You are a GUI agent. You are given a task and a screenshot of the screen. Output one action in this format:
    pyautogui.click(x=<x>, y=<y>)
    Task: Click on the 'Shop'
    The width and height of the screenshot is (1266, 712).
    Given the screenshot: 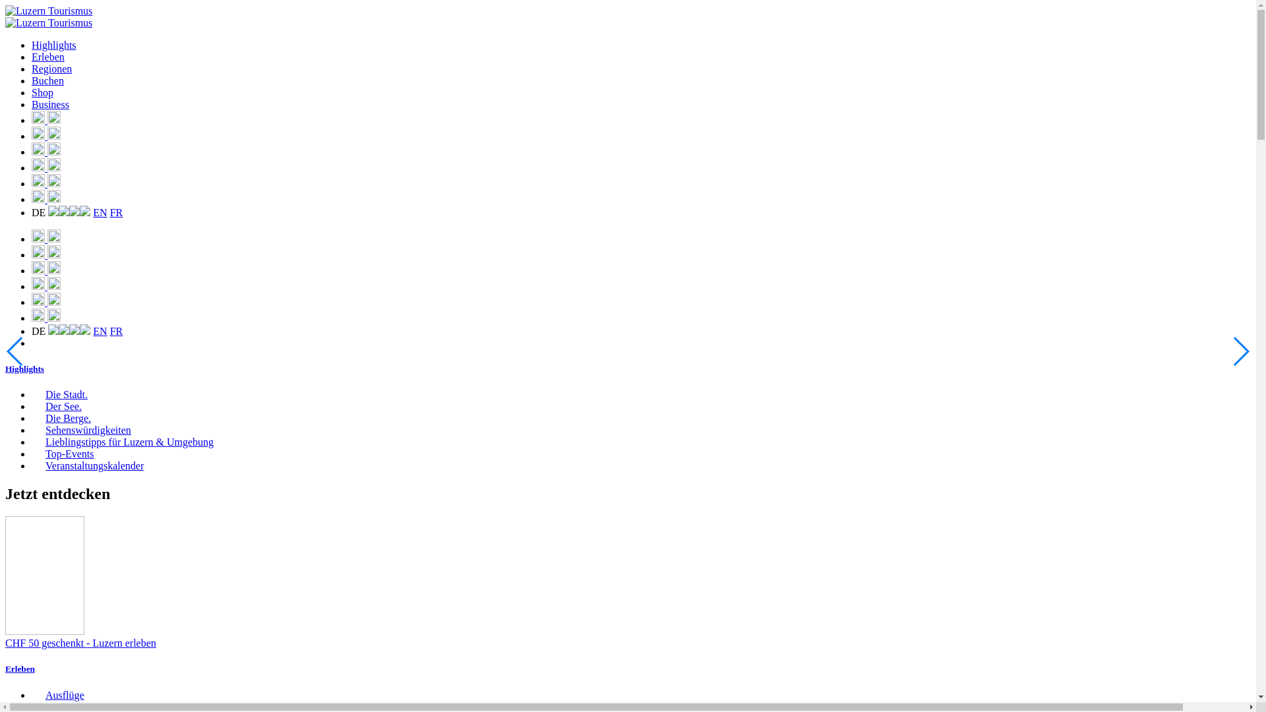 What is the action you would take?
    pyautogui.click(x=42, y=92)
    